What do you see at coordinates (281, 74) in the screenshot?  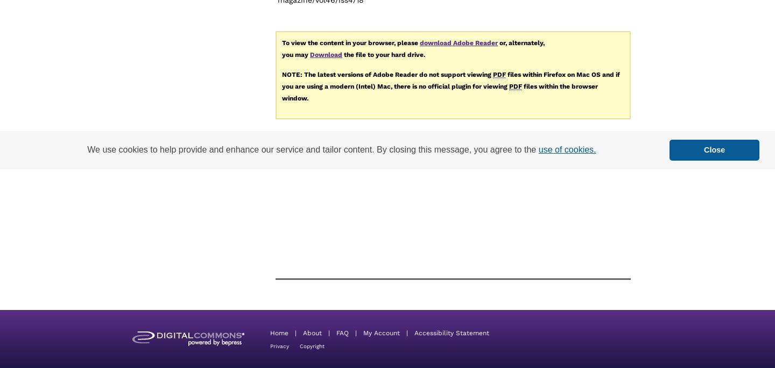 I see `'NOTE: The latest versions of Adobe Reader do not support viewing'` at bounding box center [281, 74].